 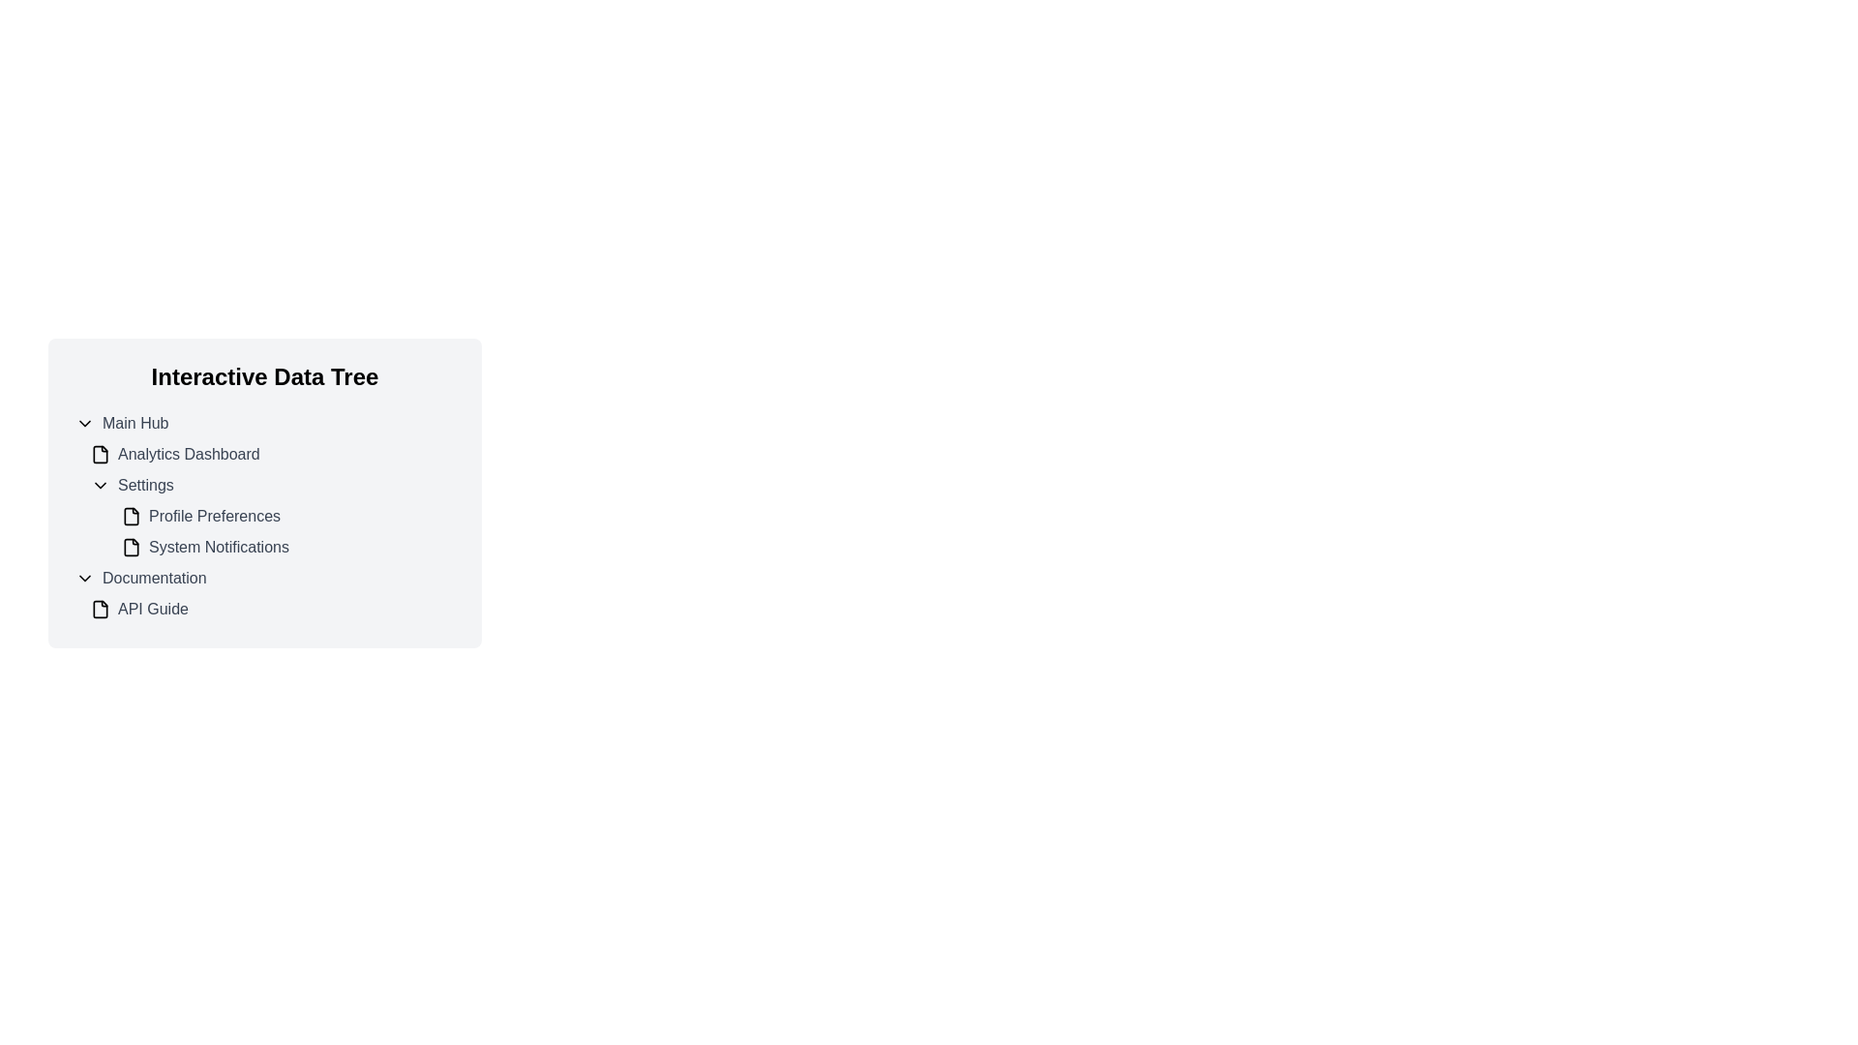 I want to click on the text label 'Analytics Dashboard' which is styled in gray and located in the 'Interactive Data Tree' section as the second item under 'Main Hub', so click(x=189, y=455).